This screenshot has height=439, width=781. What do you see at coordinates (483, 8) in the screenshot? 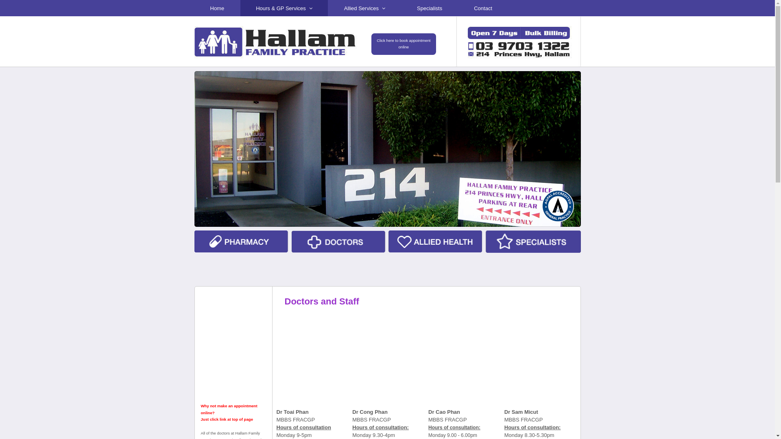
I see `'Contact'` at bounding box center [483, 8].